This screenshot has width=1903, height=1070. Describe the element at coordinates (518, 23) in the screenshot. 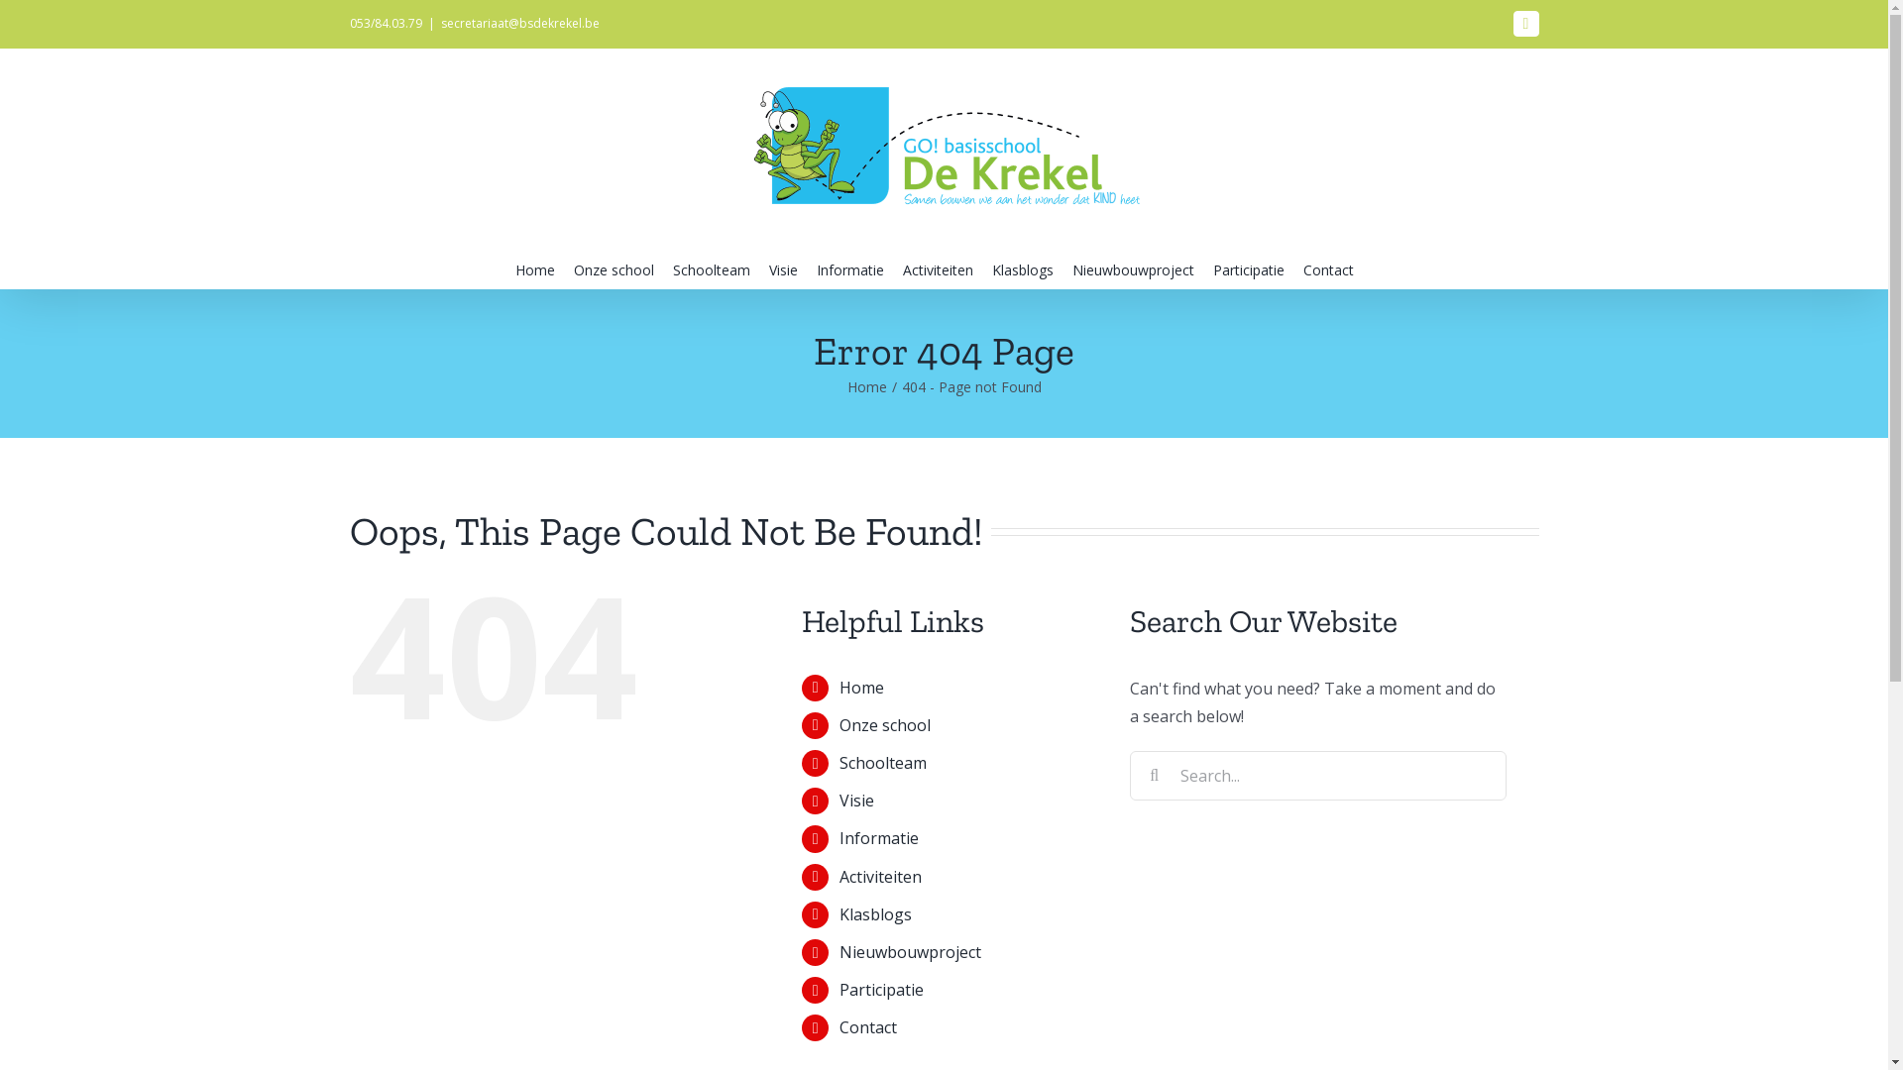

I see `'secretariaat@bsdekrekel.be'` at that location.